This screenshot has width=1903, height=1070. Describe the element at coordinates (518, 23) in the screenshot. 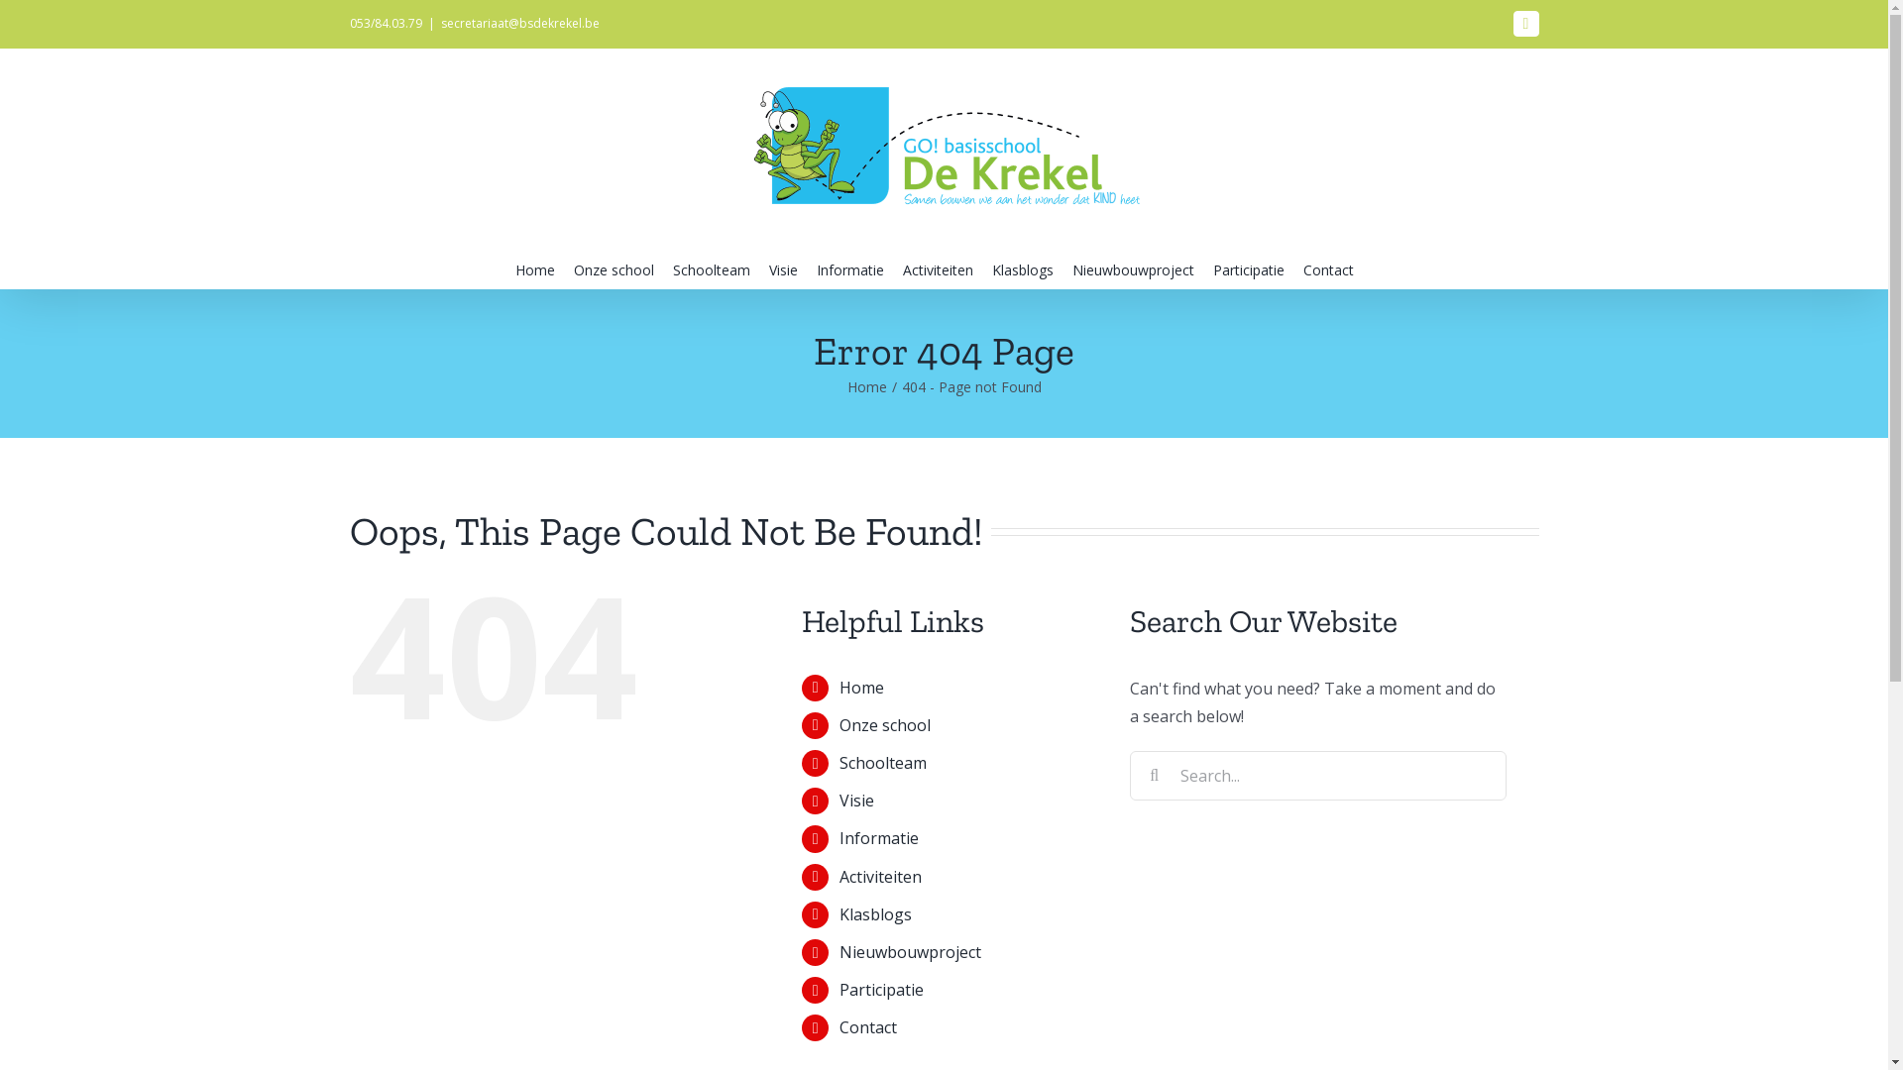

I see `'secretariaat@bsdekrekel.be'` at that location.